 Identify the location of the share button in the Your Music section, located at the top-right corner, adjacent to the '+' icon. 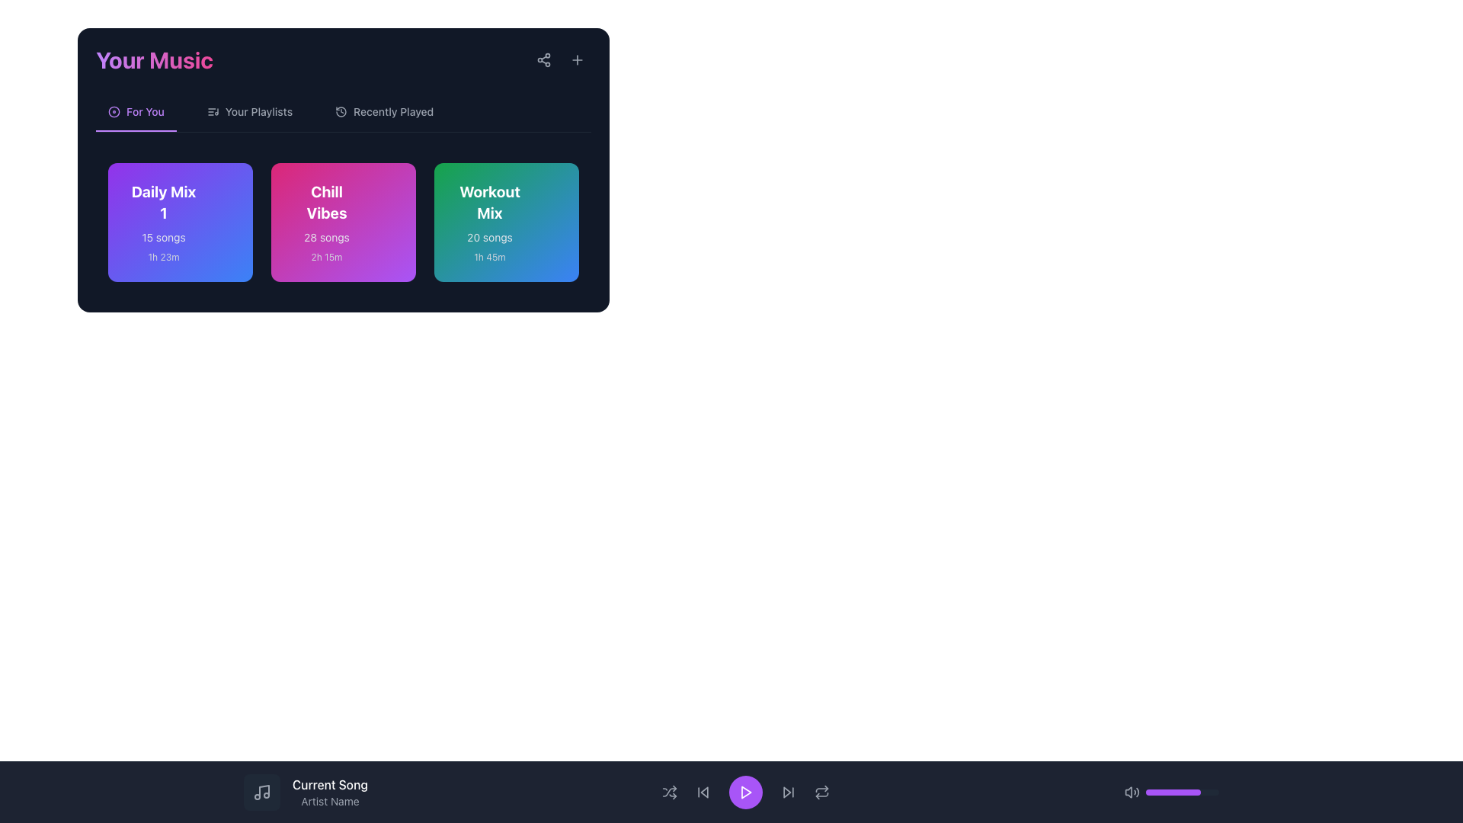
(544, 59).